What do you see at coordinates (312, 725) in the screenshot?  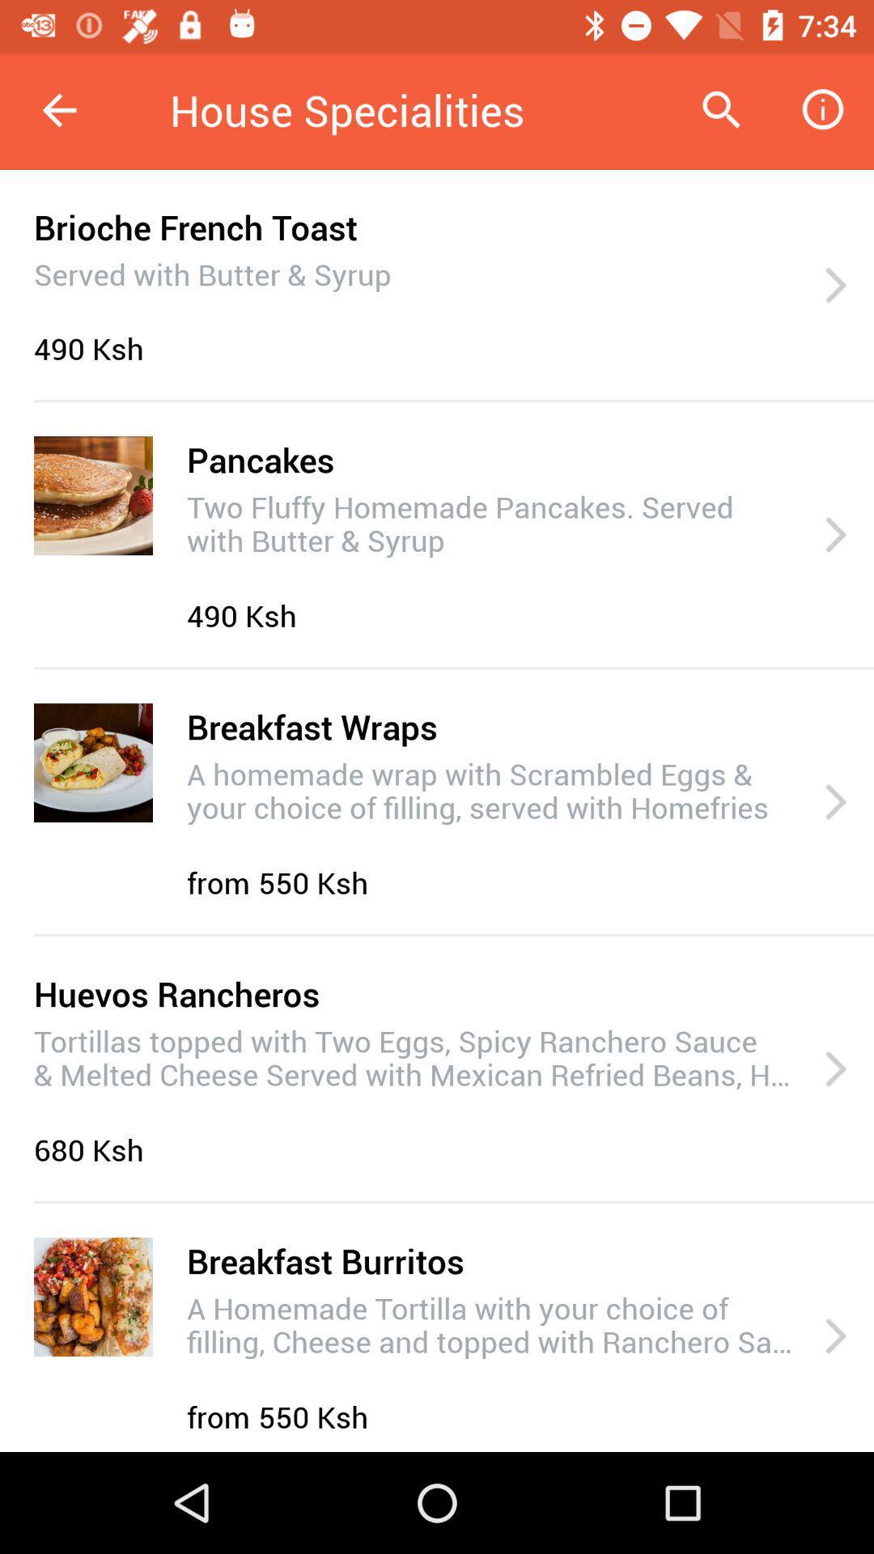 I see `breakfast wraps` at bounding box center [312, 725].